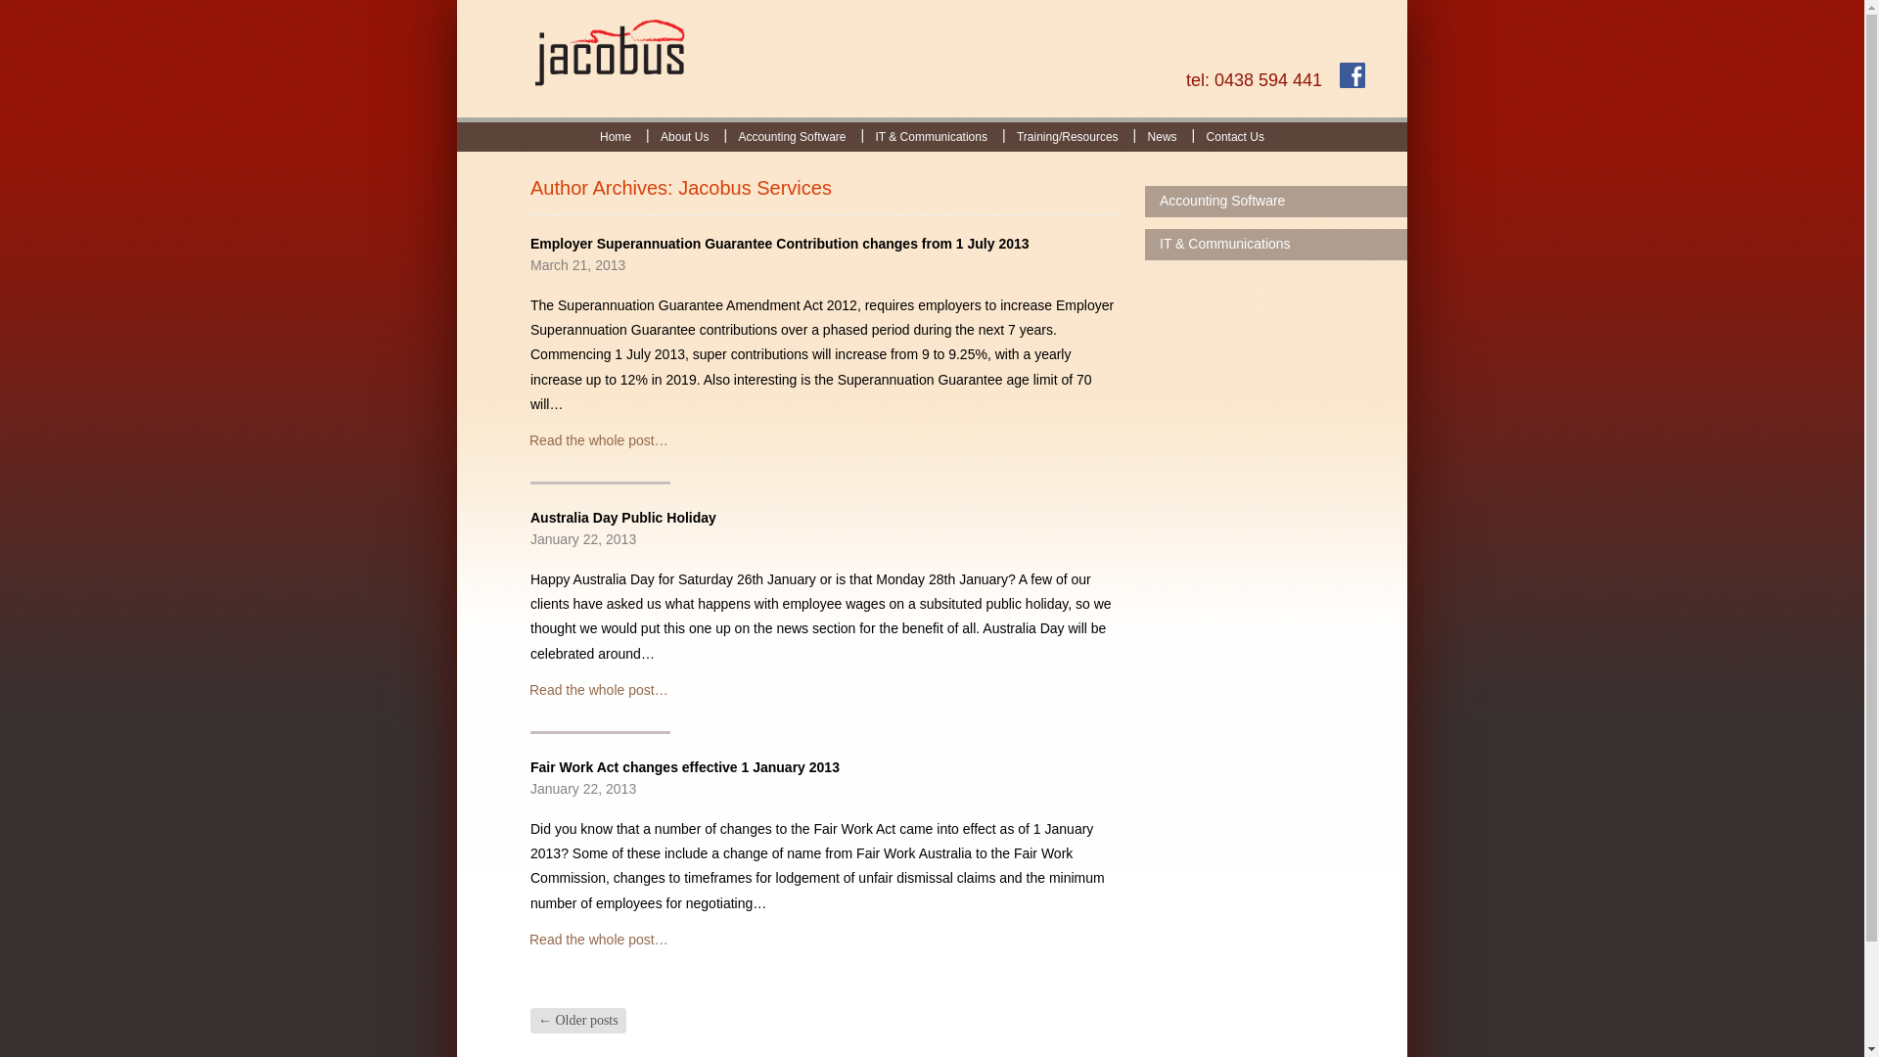 The width and height of the screenshot is (1879, 1057). I want to click on 'Accounting Software', so click(792, 135).